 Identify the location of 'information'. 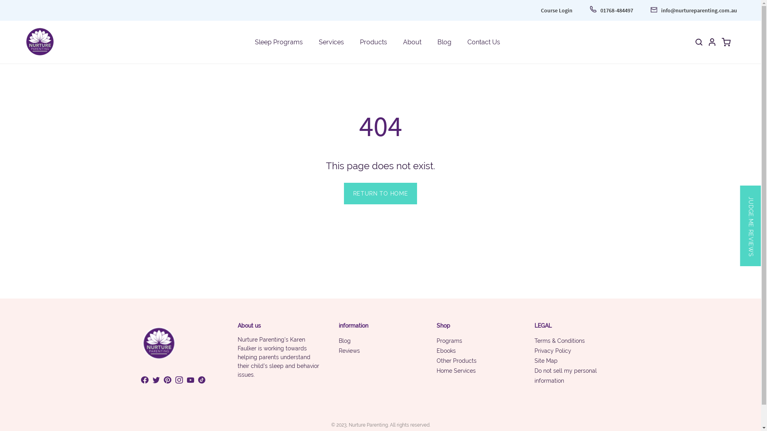
(353, 326).